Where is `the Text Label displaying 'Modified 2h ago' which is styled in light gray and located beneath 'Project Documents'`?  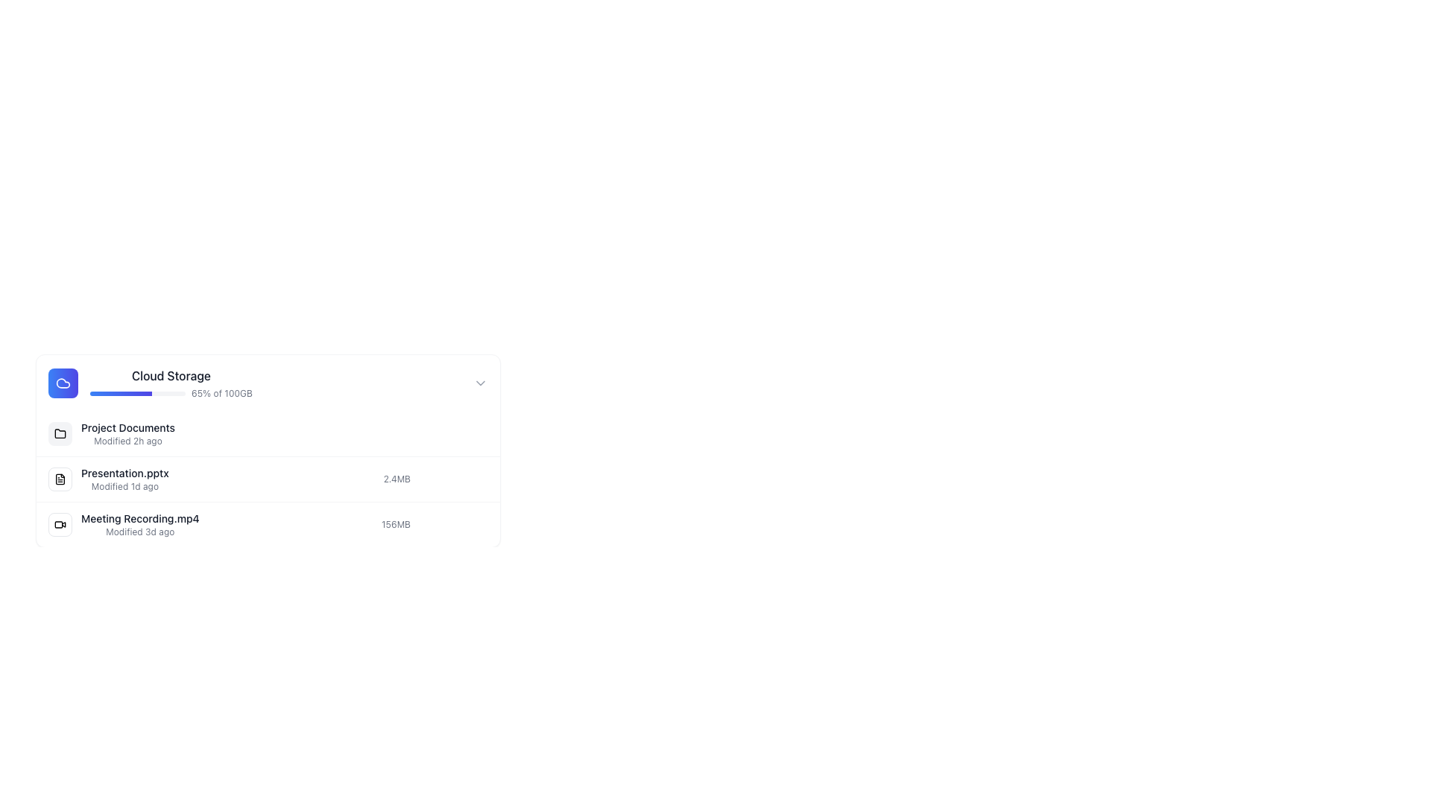 the Text Label displaying 'Modified 2h ago' which is styled in light gray and located beneath 'Project Documents' is located at coordinates (128, 441).